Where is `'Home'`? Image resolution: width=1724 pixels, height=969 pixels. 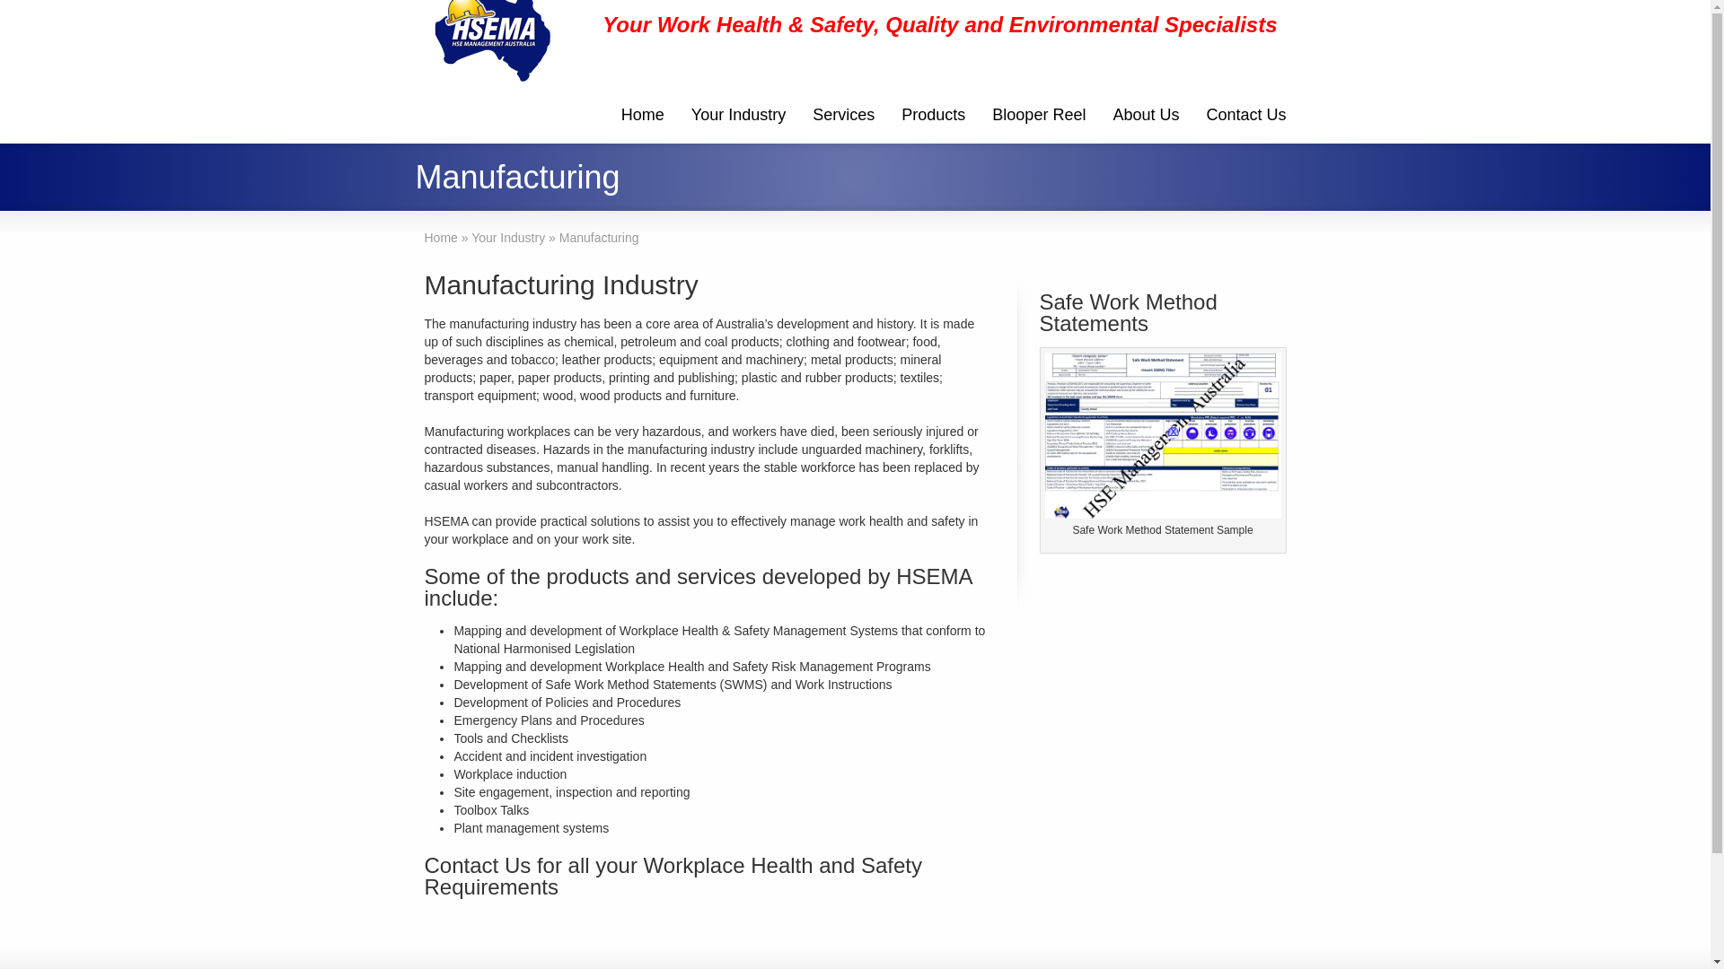 'Home' is located at coordinates (642, 117).